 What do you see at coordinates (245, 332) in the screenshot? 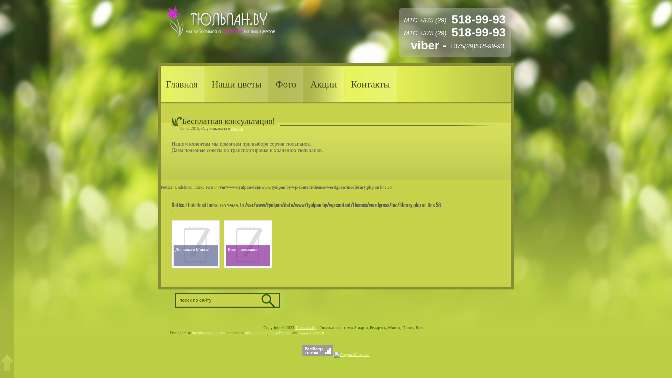
I see `'online games'` at bounding box center [245, 332].